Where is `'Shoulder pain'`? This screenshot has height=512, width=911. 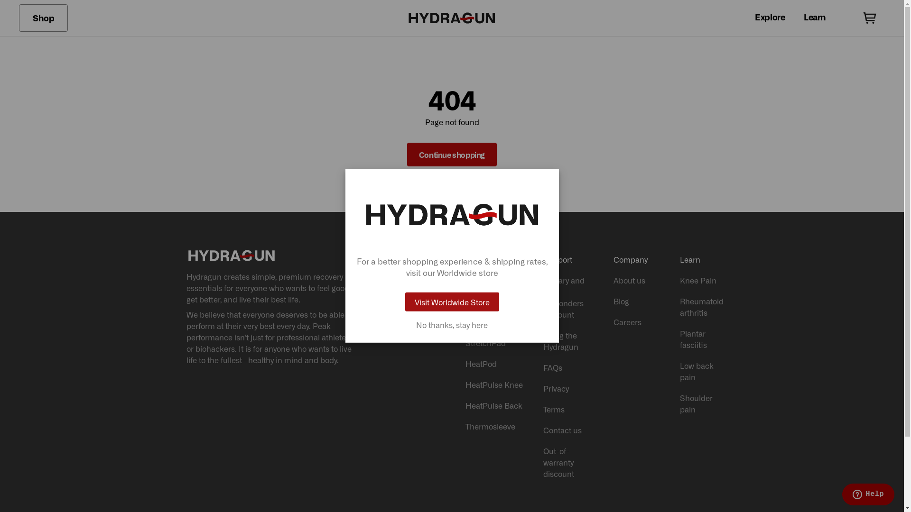
'Shoulder pain' is located at coordinates (703, 403).